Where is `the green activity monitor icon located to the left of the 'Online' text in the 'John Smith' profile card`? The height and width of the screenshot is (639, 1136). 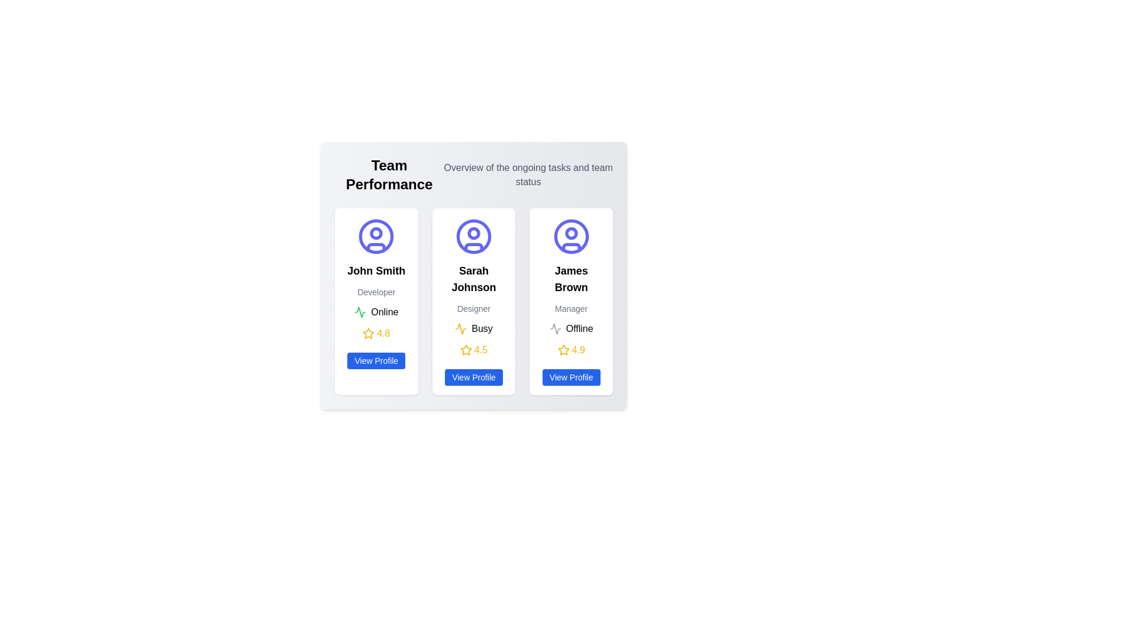
the green activity monitor icon located to the left of the 'Online' text in the 'John Smith' profile card is located at coordinates (360, 312).